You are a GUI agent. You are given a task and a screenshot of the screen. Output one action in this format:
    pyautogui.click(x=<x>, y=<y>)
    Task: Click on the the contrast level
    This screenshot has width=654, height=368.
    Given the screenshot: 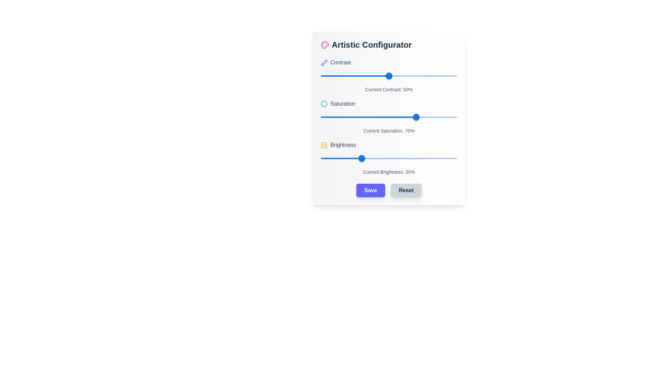 What is the action you would take?
    pyautogui.click(x=327, y=76)
    